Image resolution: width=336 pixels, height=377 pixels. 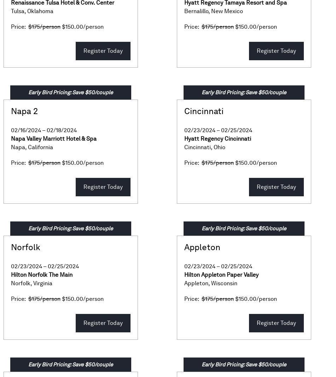 I want to click on 'Hilton Norfolk The Main', so click(x=41, y=275).